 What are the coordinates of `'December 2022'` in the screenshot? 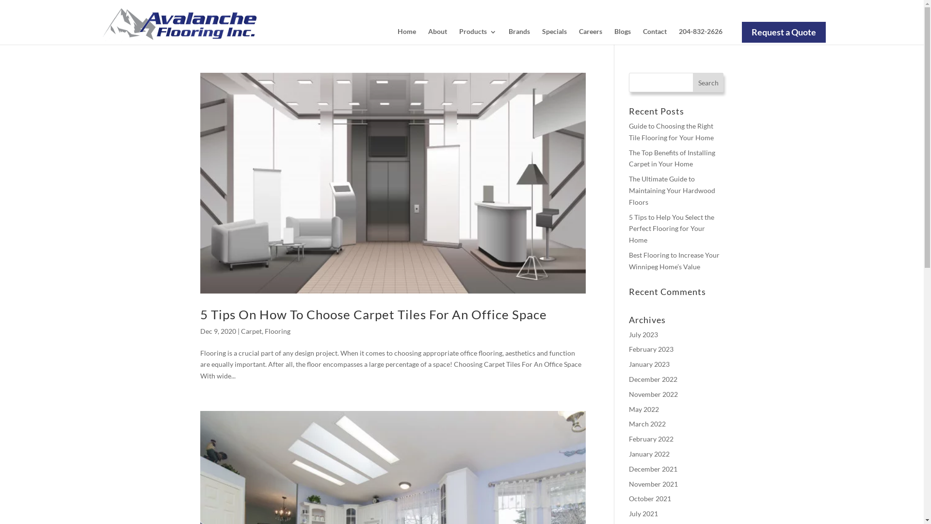 It's located at (653, 378).